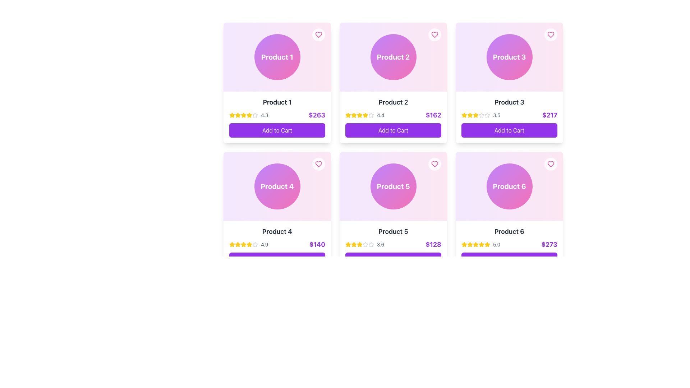 The width and height of the screenshot is (690, 388). What do you see at coordinates (277, 117) in the screenshot?
I see `the product information display section that includes the title 'Product 1', a rating of 4.3 stars, a purple price tag of '$263', and a purple 'Add to Cart' button` at bounding box center [277, 117].